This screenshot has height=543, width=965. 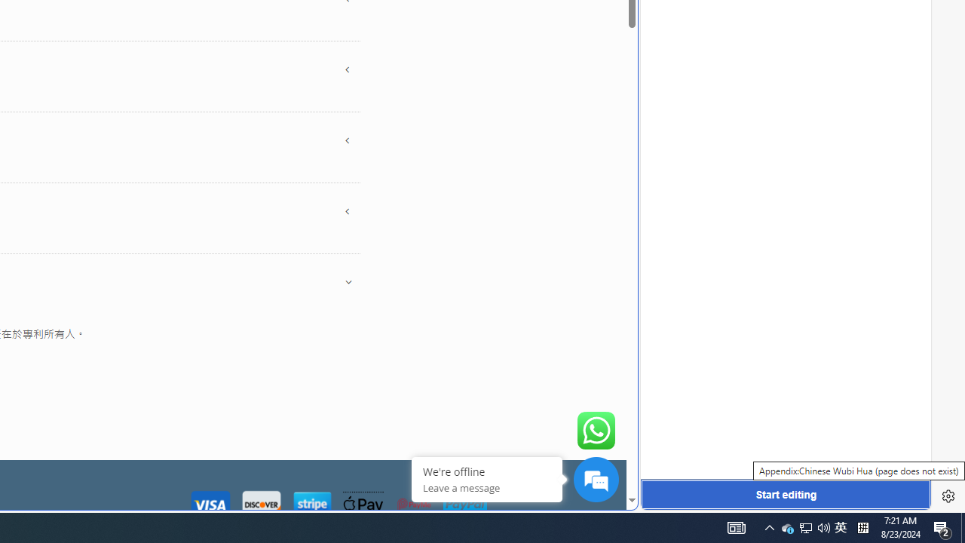 I want to click on 'Start editing', so click(x=785, y=494).